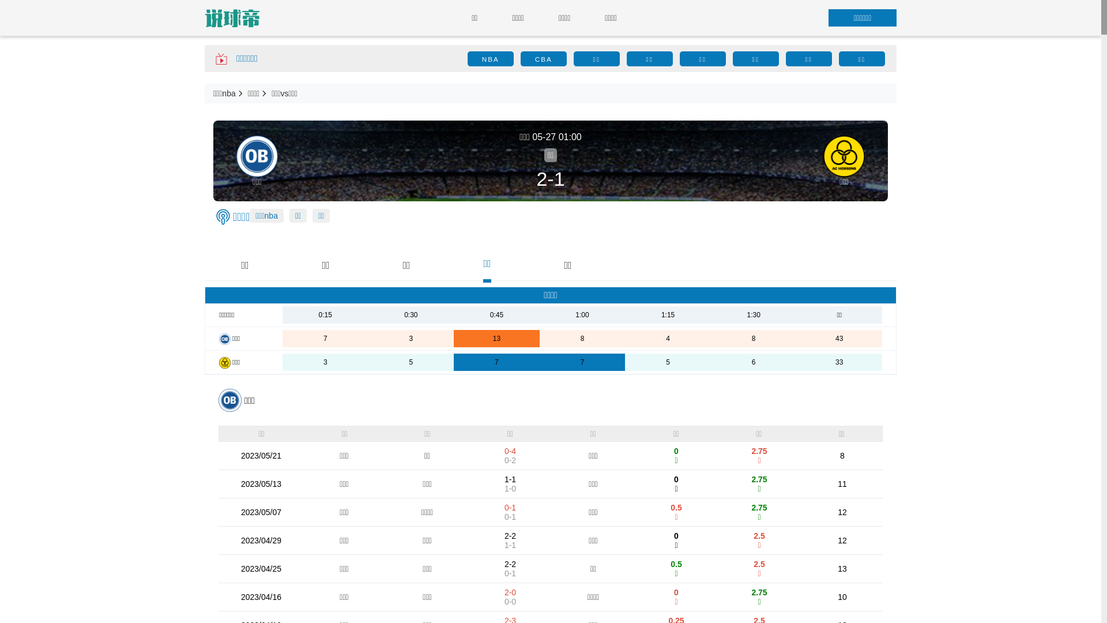 The image size is (1107, 623). Describe the element at coordinates (490, 59) in the screenshot. I see `'NBA'` at that location.